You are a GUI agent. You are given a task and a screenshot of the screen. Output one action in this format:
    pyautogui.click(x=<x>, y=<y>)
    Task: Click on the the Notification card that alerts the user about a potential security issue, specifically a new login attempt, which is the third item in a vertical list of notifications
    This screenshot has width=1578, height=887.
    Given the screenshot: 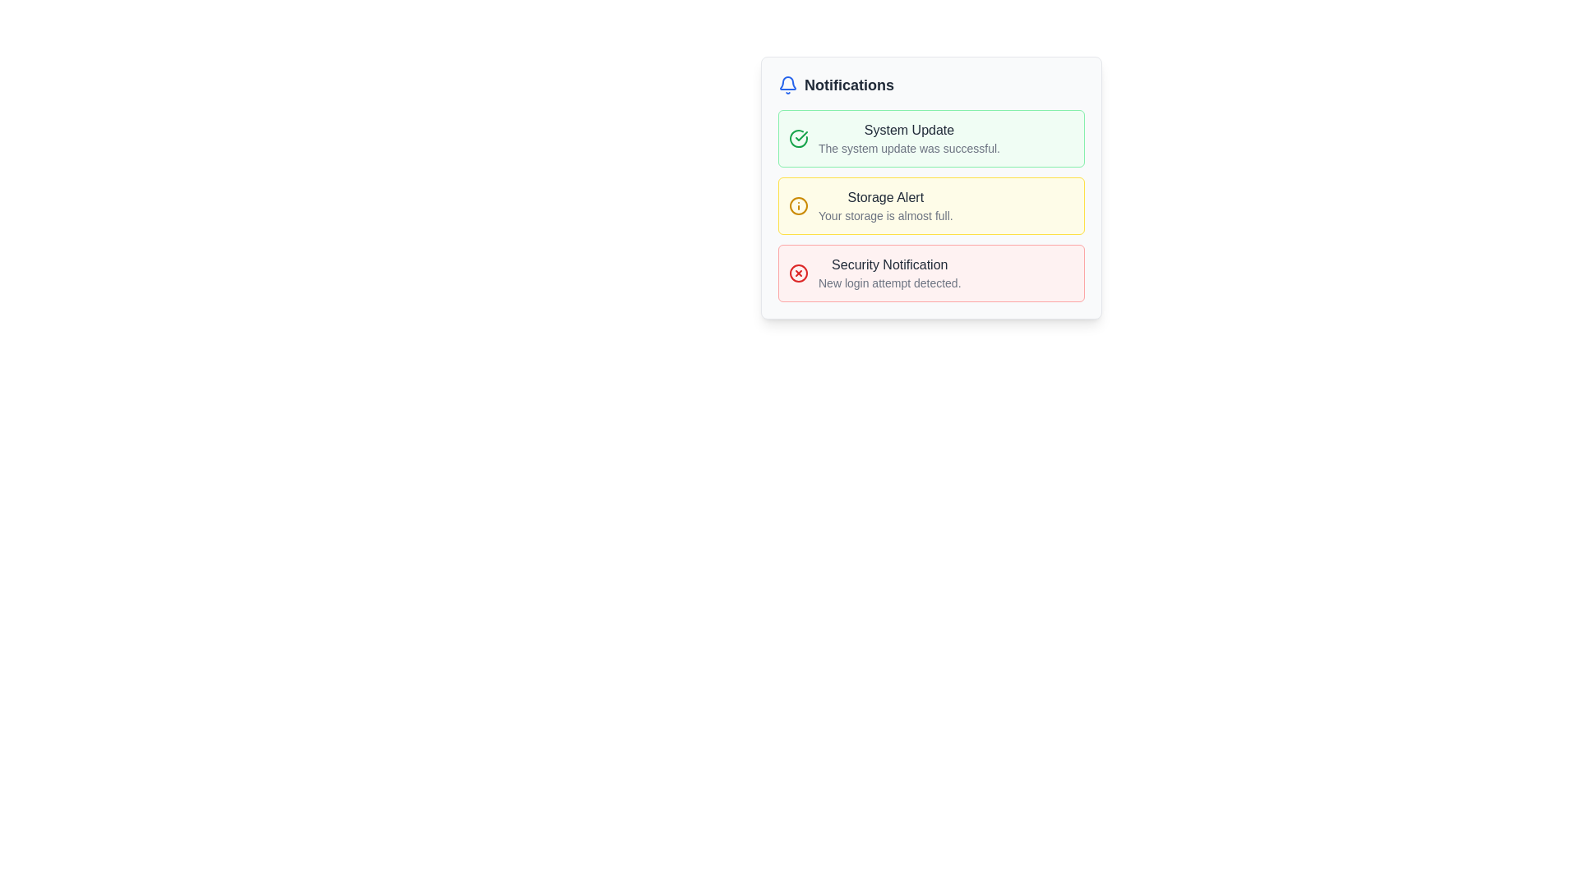 What is the action you would take?
    pyautogui.click(x=931, y=272)
    